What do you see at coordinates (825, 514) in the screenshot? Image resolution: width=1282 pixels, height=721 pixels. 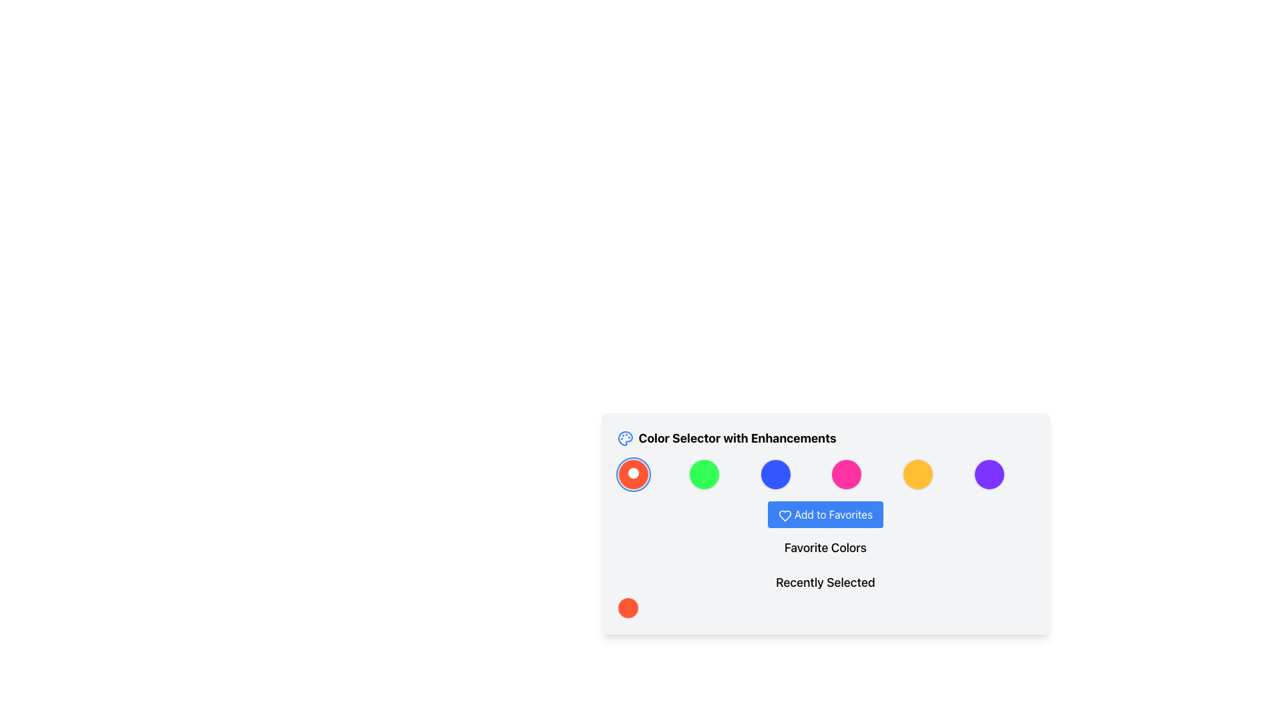 I see `the 'Add to Favorites' button with a blue background and heart icon` at bounding box center [825, 514].